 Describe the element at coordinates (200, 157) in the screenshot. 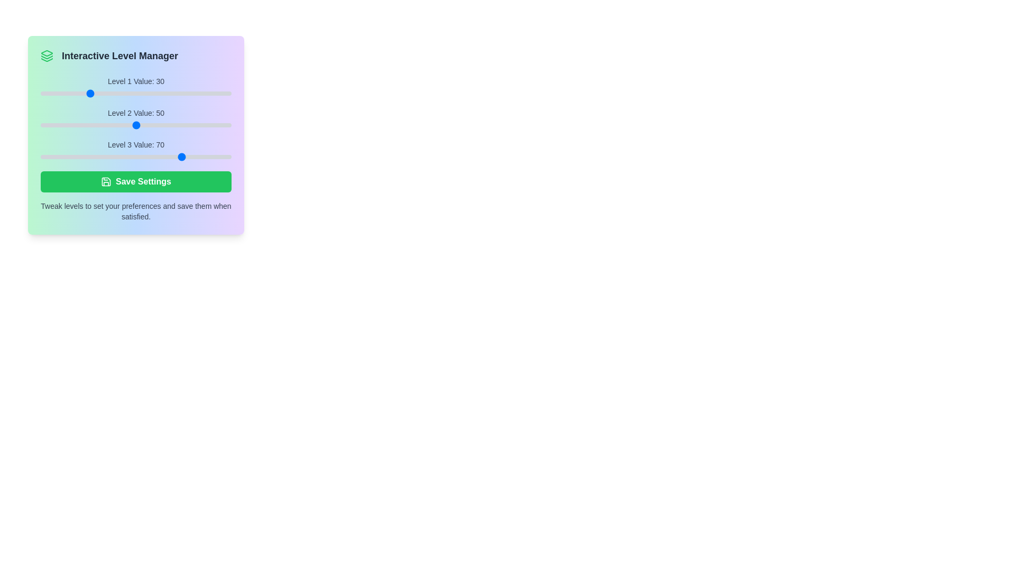

I see `the Level 3 value` at that location.